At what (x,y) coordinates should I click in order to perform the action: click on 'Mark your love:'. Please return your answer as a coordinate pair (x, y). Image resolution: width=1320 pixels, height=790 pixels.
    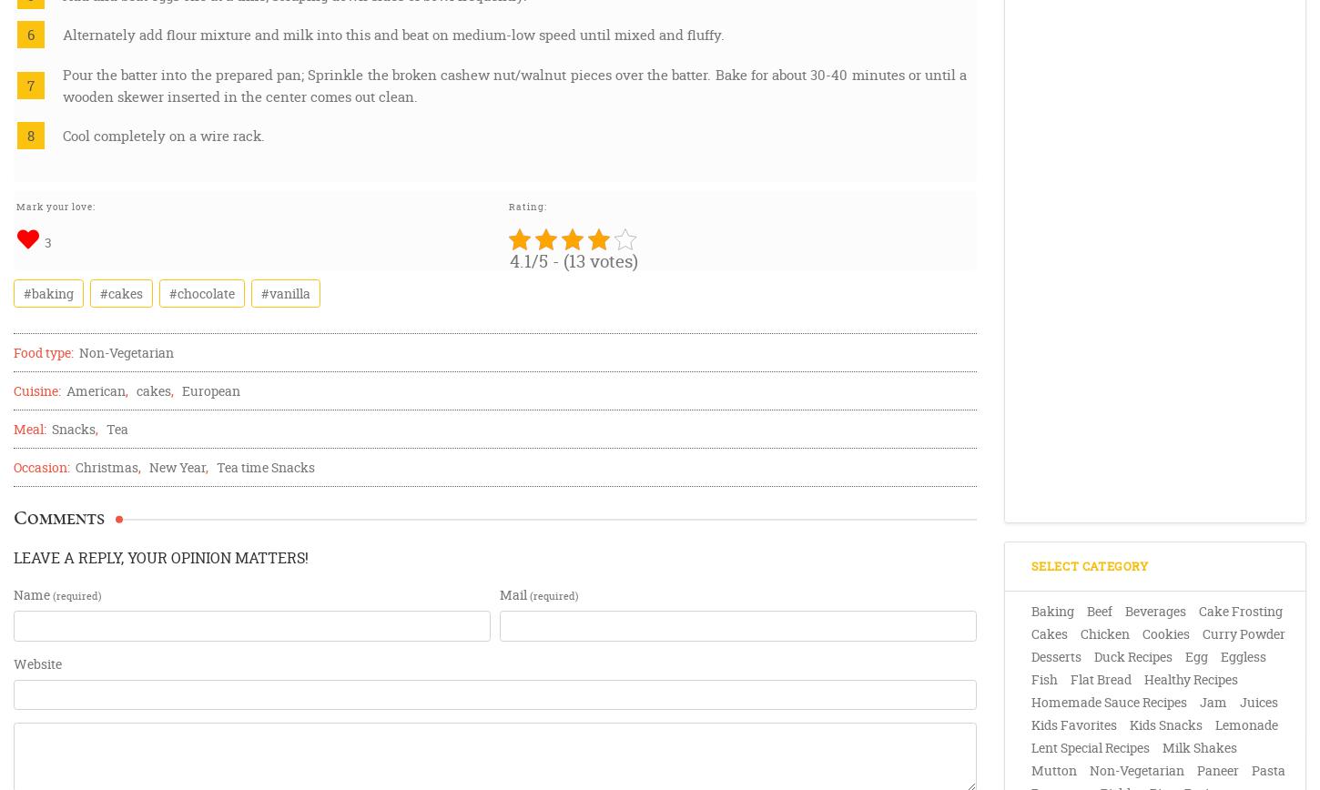
    Looking at the image, I should click on (56, 207).